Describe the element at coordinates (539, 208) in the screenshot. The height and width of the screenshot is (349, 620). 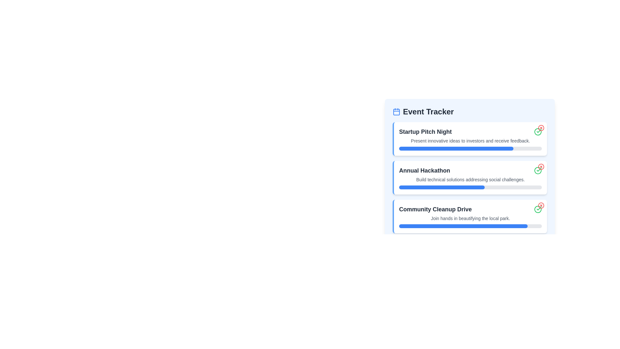
I see `the confirmation graphic icon representing the approval status for the 'Community Cleanup Drive' event, located at the bottom-right corner of its card` at that location.